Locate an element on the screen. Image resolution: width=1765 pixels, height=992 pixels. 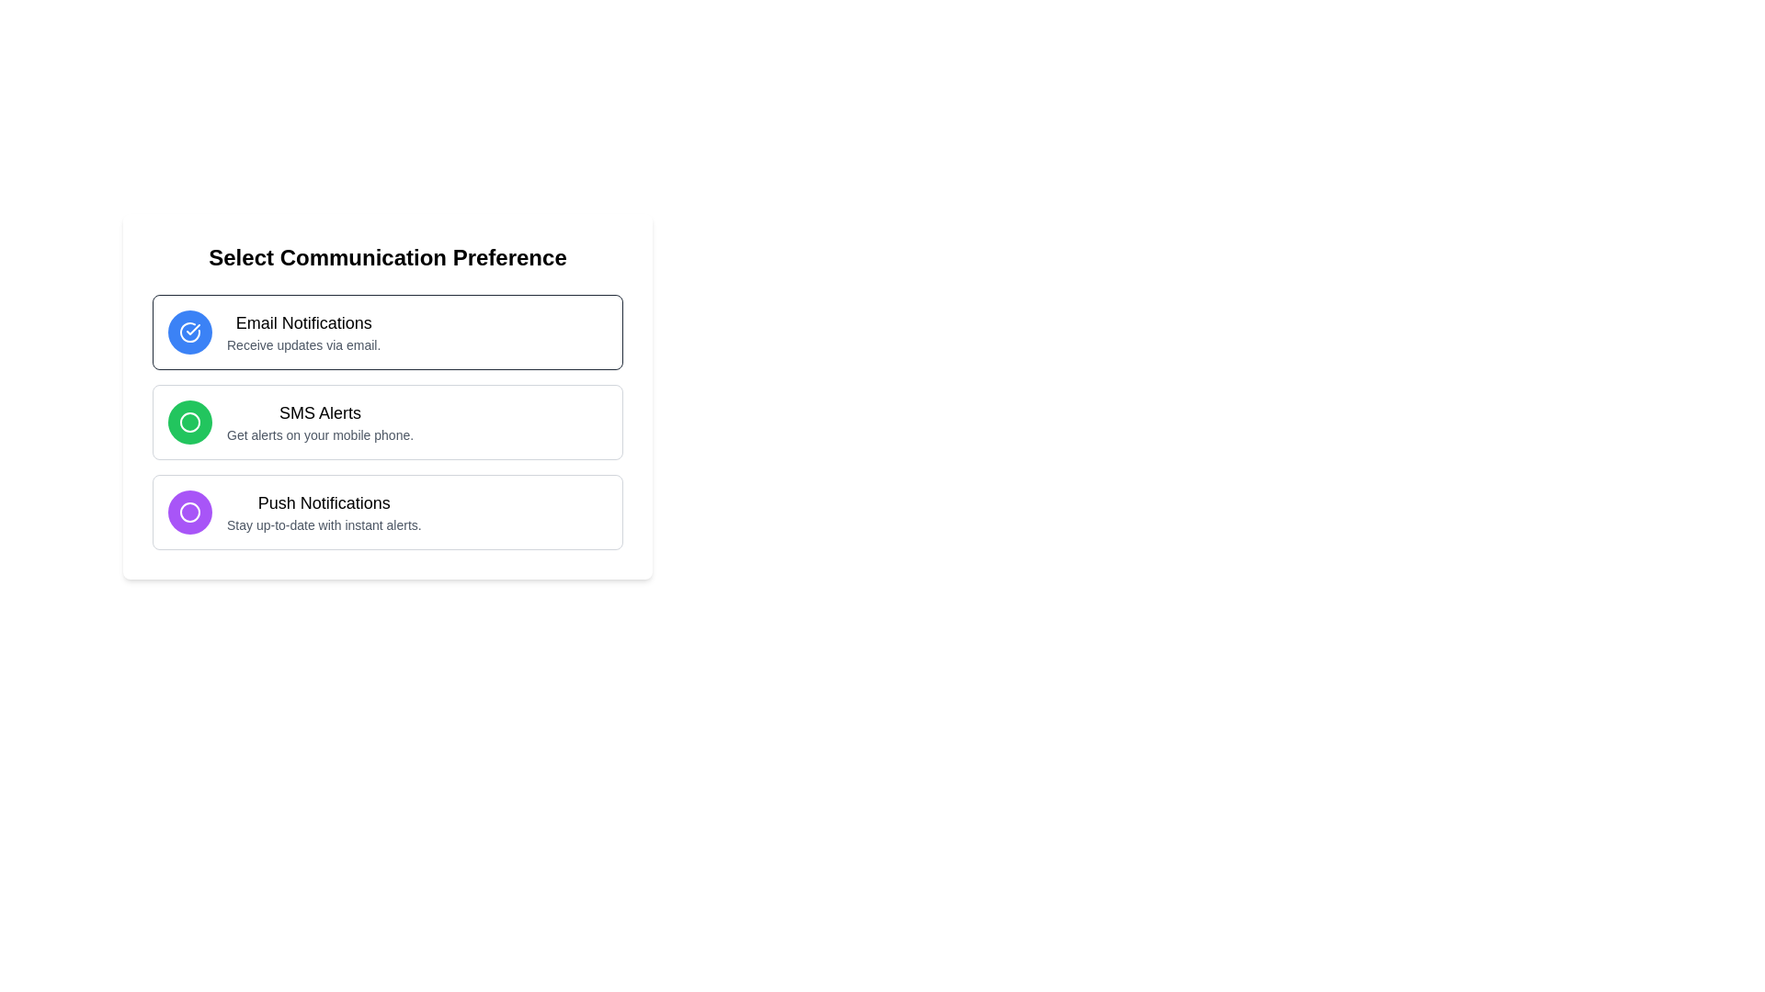
the green circular icon with a white circular outline located to the left of the 'SMS Alerts' text, which is part of the communication preference options is located at coordinates (189, 422).